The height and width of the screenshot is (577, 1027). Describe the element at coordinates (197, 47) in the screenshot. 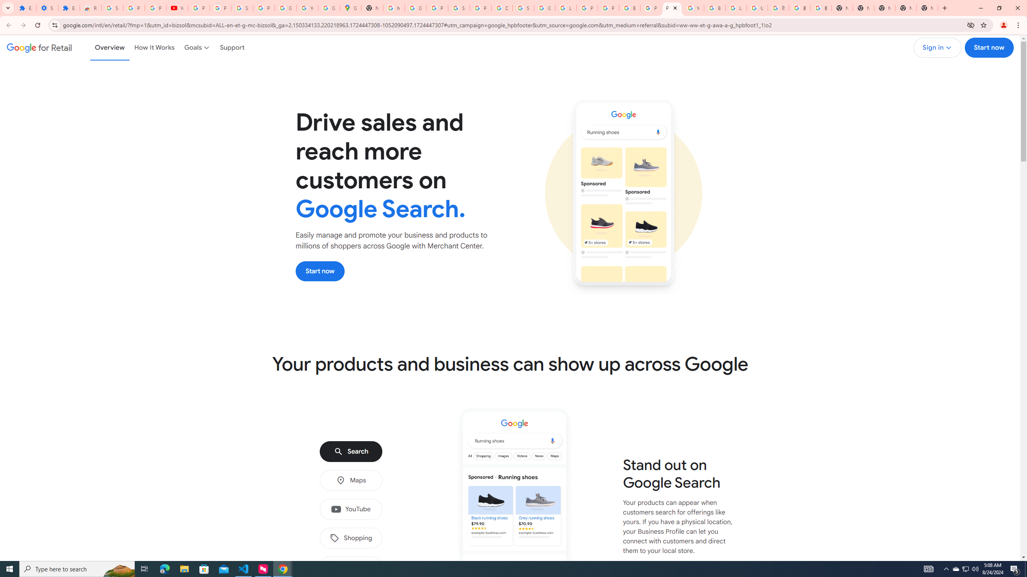

I see `'Goals'` at that location.